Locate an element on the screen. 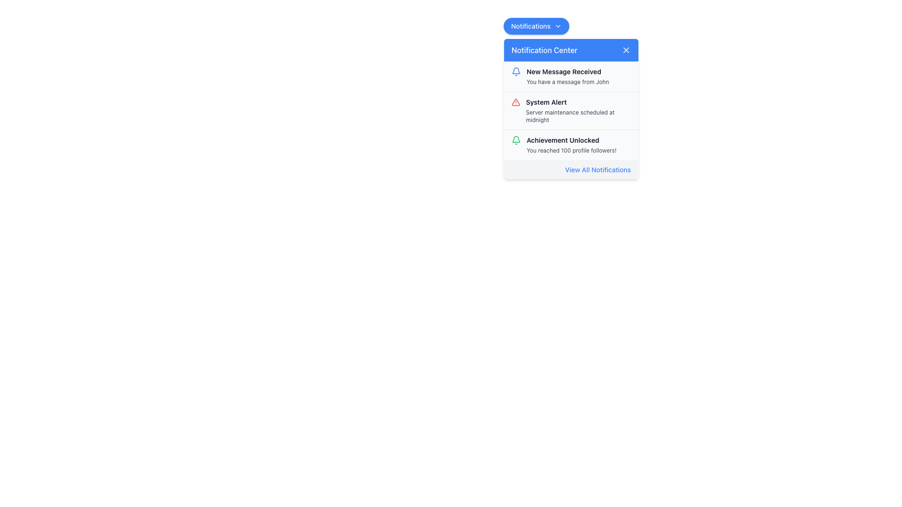 The image size is (902, 507). the Close button located at the top-right corner of the Notification Center header to change its color is located at coordinates (626, 50).